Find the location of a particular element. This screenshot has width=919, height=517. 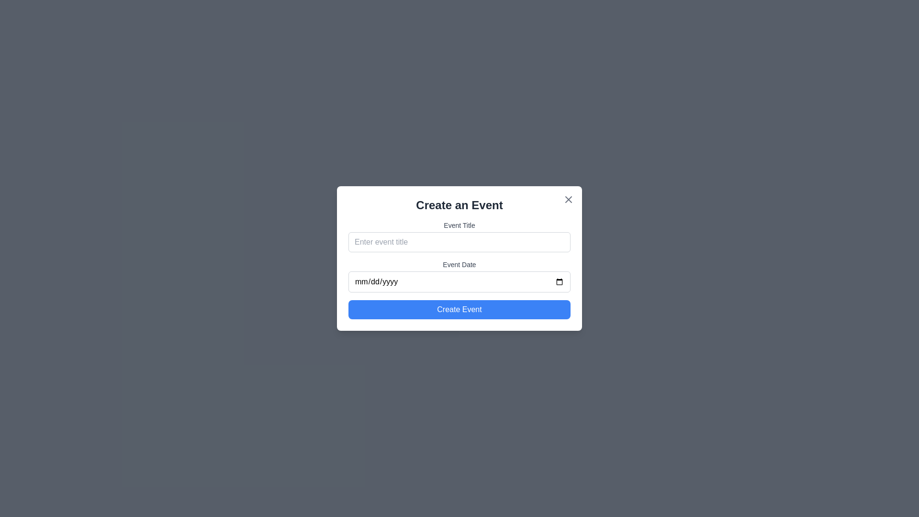

the close icon located at the top-right corner of the 'Create an Event' modal window to potentially reveal a tooltip is located at coordinates (569, 199).